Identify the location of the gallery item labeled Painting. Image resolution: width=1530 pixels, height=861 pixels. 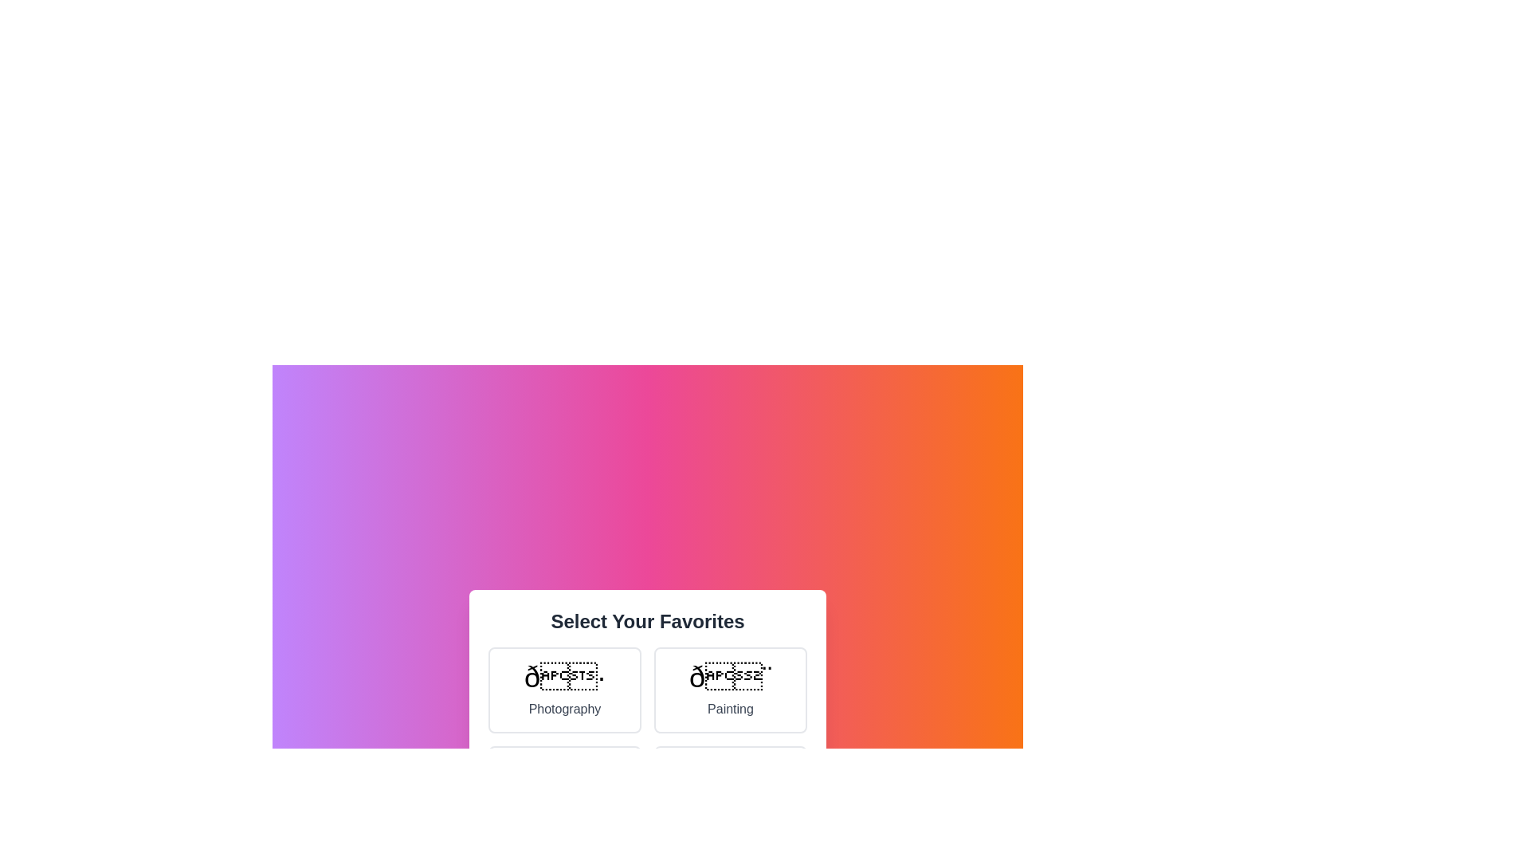
(729, 690).